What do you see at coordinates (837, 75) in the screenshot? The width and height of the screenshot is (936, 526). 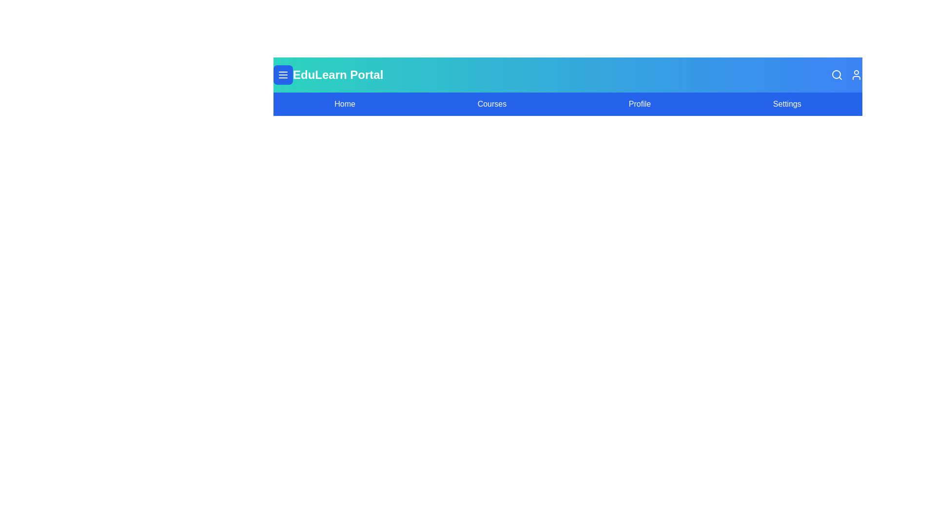 I see `the search icon to initiate a search` at bounding box center [837, 75].